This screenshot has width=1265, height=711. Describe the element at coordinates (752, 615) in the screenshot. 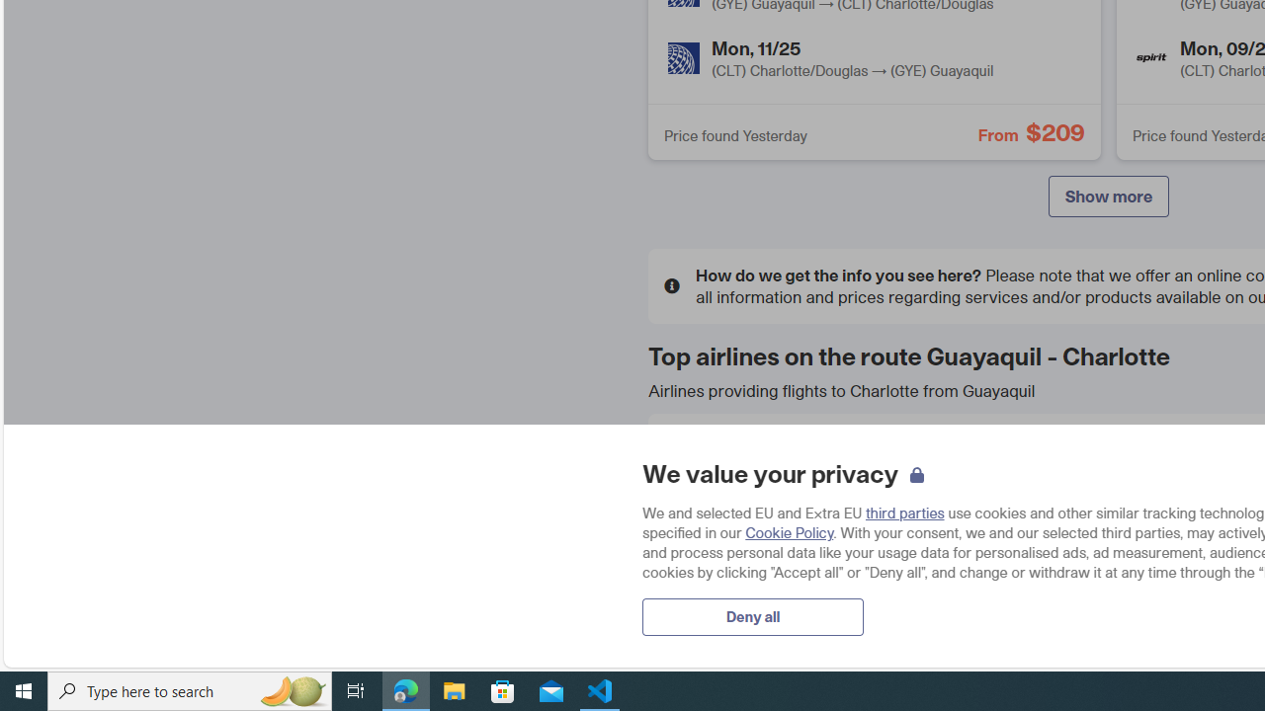

I see `'Deny all'` at that location.